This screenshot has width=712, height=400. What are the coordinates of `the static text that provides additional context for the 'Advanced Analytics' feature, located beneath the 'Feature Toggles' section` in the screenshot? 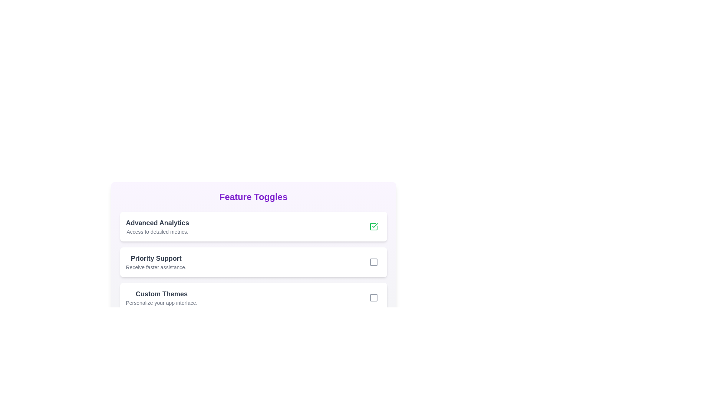 It's located at (157, 231).